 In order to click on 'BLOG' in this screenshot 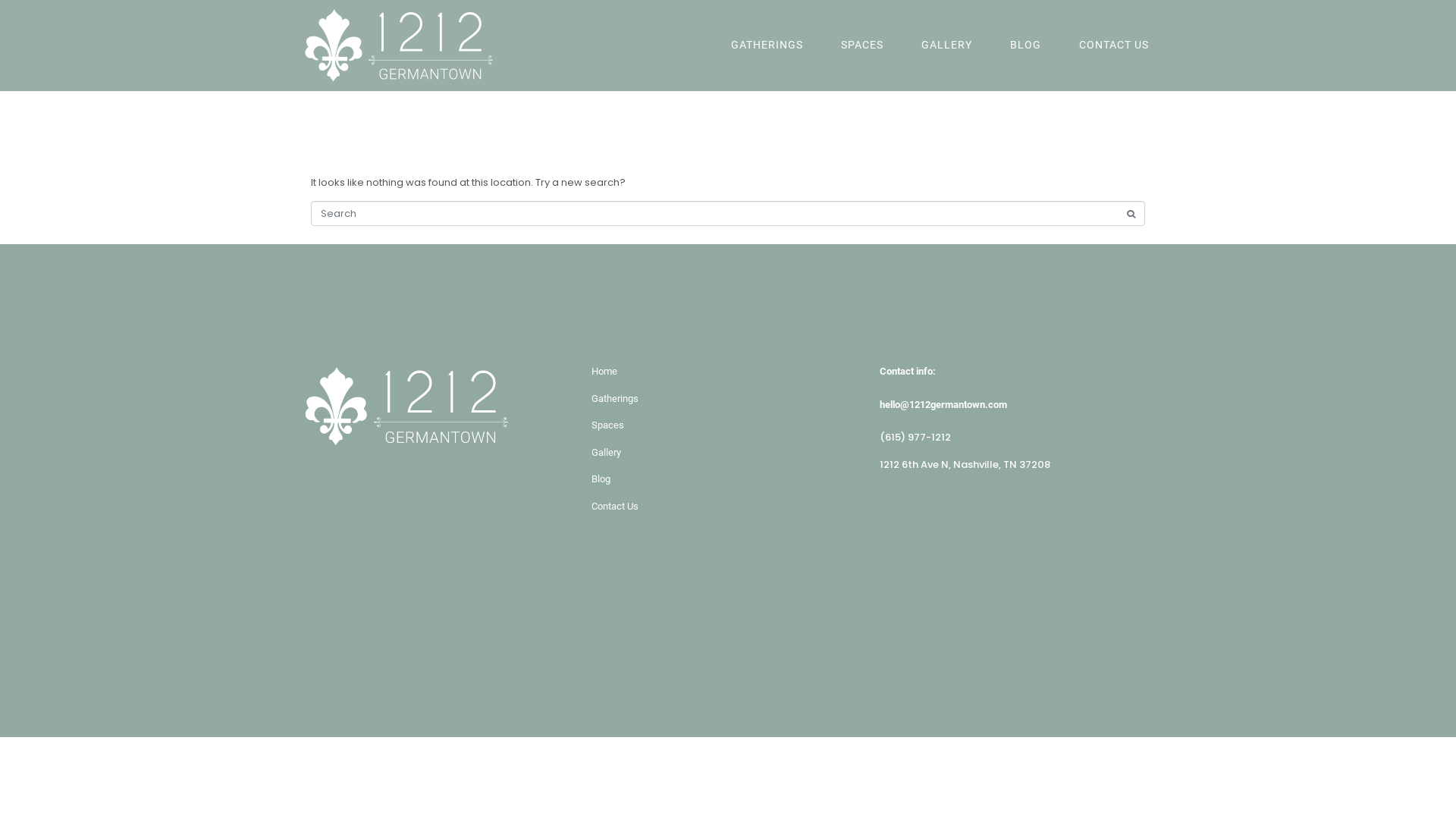, I will do `click(1025, 45)`.